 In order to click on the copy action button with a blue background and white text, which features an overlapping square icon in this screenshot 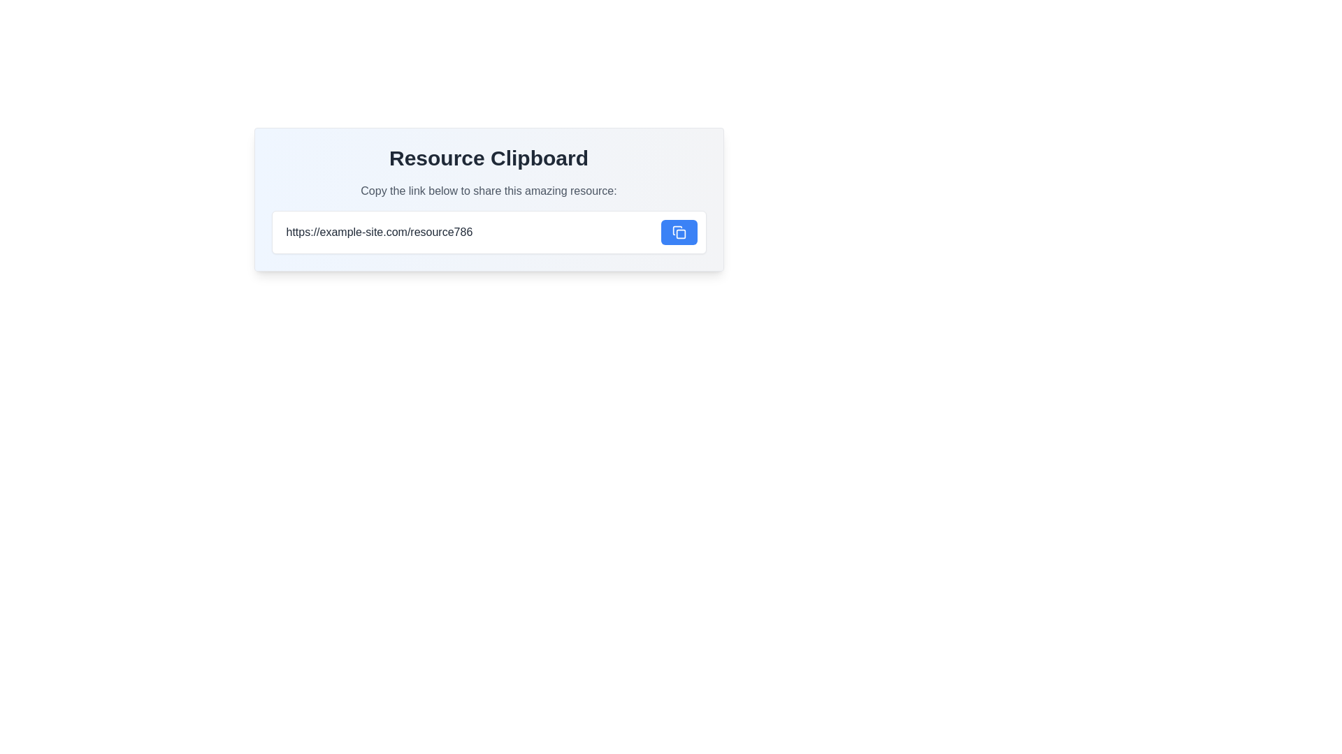, I will do `click(679, 231)`.